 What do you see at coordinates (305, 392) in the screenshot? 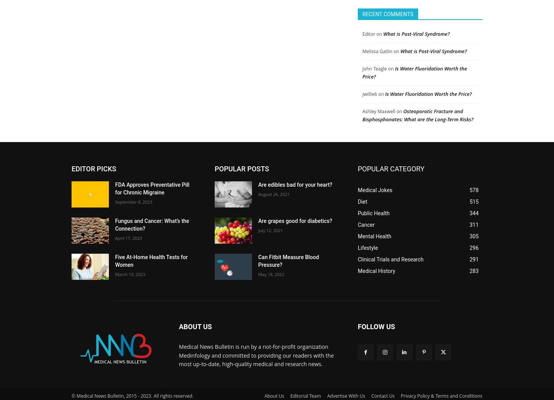
I see `'Editorial Team'` at bounding box center [305, 392].